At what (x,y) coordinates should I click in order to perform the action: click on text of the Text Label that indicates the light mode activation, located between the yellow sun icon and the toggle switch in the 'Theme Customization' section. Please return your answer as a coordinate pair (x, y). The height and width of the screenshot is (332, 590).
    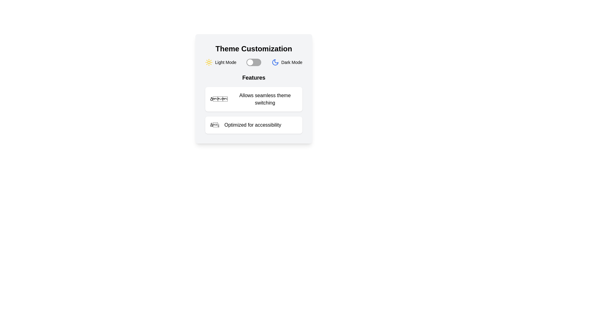
    Looking at the image, I should click on (225, 62).